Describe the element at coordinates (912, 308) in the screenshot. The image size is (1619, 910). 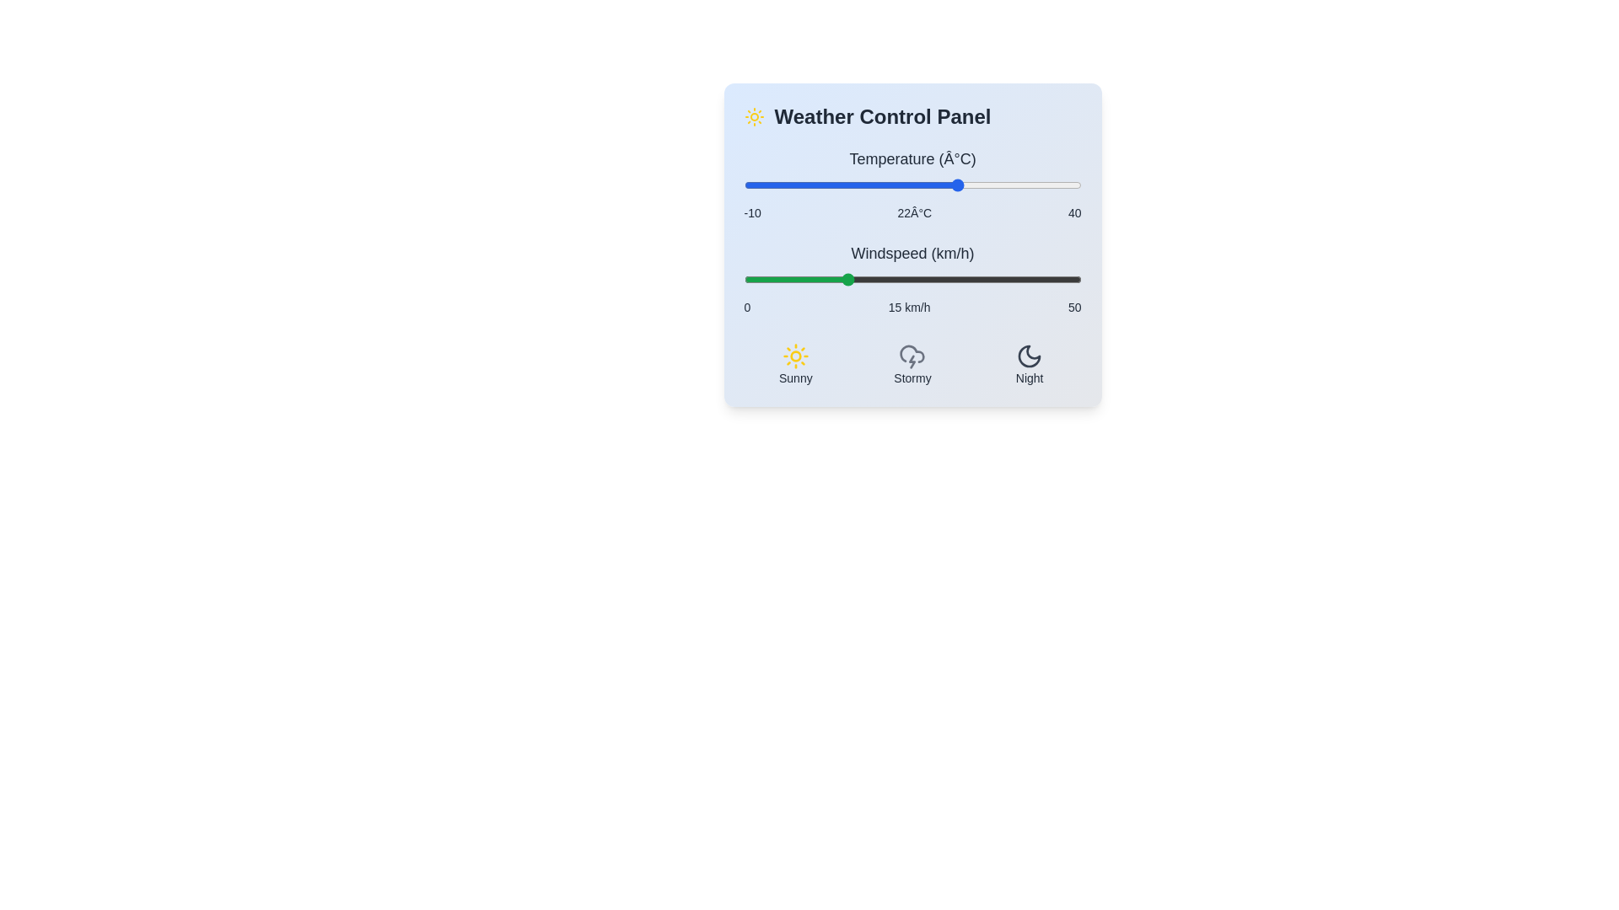
I see `the Text Label Group that indicates the minimum ('0'), the selected level ('15 km/h'), and the maximum ('50') values for windspeed, located at the bottom-center of the 'Windspeed (km/h)' section` at that location.